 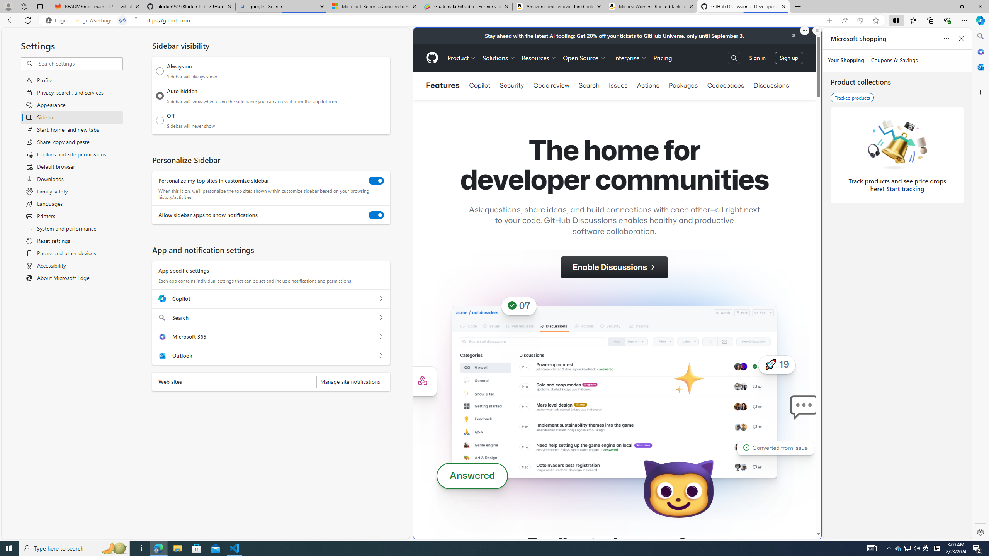 What do you see at coordinates (630, 58) in the screenshot?
I see `'Enterprise'` at bounding box center [630, 58].